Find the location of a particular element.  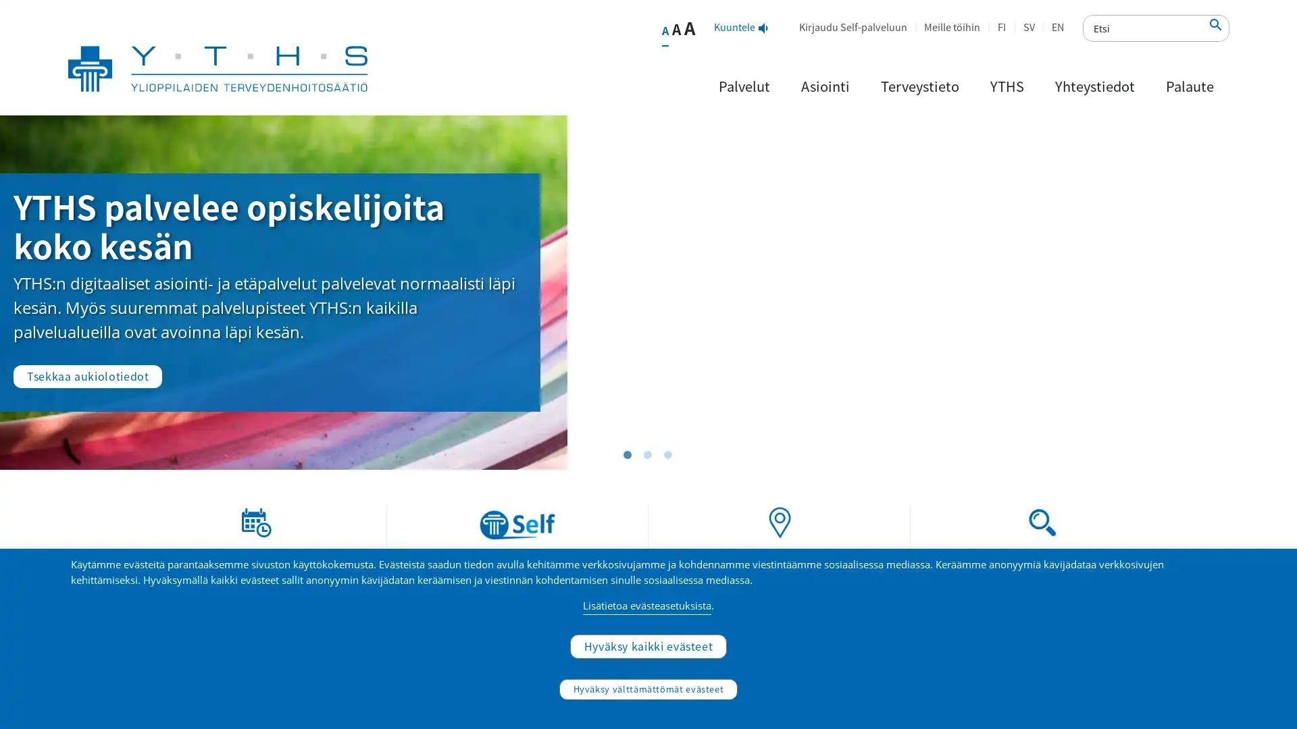

Hyvaksy valttamattomat evasteet is located at coordinates (647, 689).